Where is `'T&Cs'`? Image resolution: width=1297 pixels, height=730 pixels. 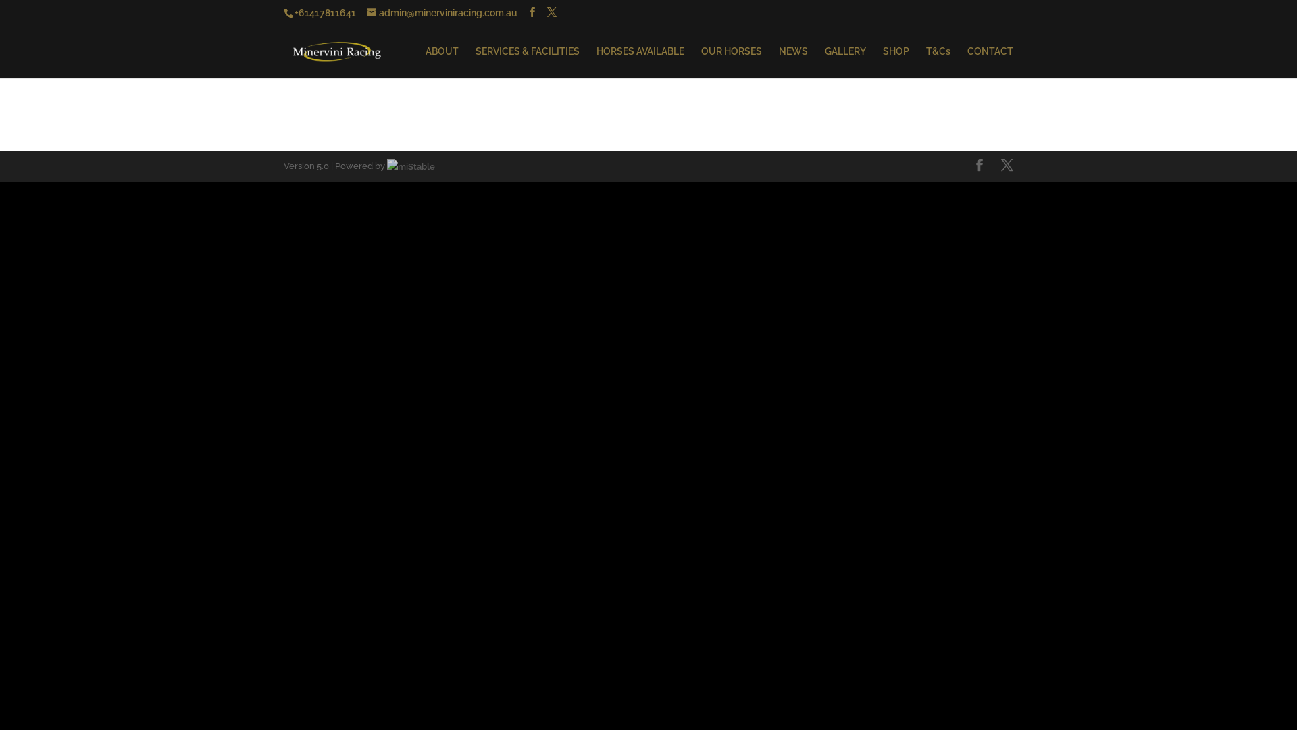 'T&Cs' is located at coordinates (937, 62).